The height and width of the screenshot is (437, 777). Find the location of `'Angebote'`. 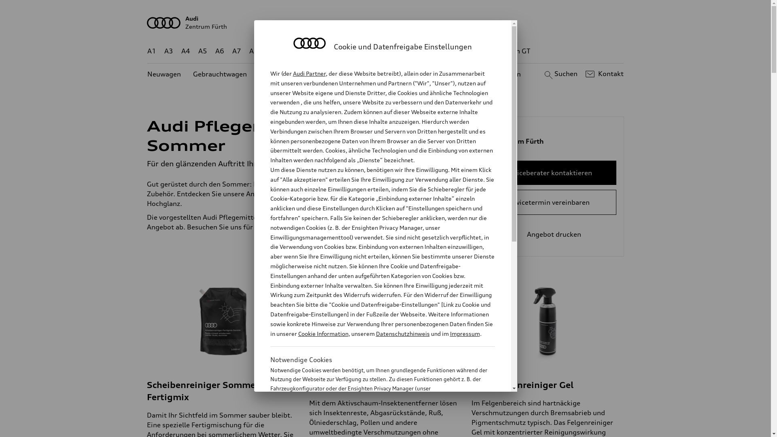

'Angebote' is located at coordinates (340, 74).